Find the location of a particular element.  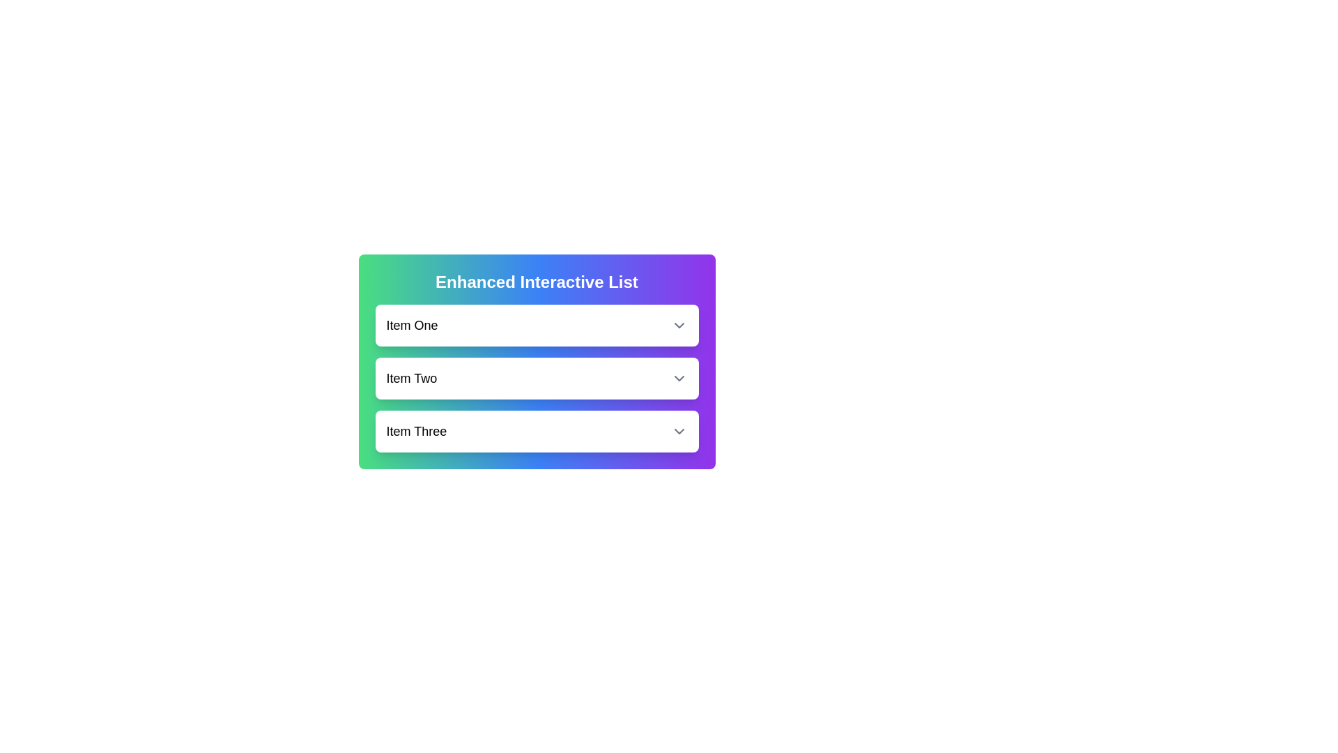

the 'Item Two' dropdown trigger is located at coordinates (536, 379).